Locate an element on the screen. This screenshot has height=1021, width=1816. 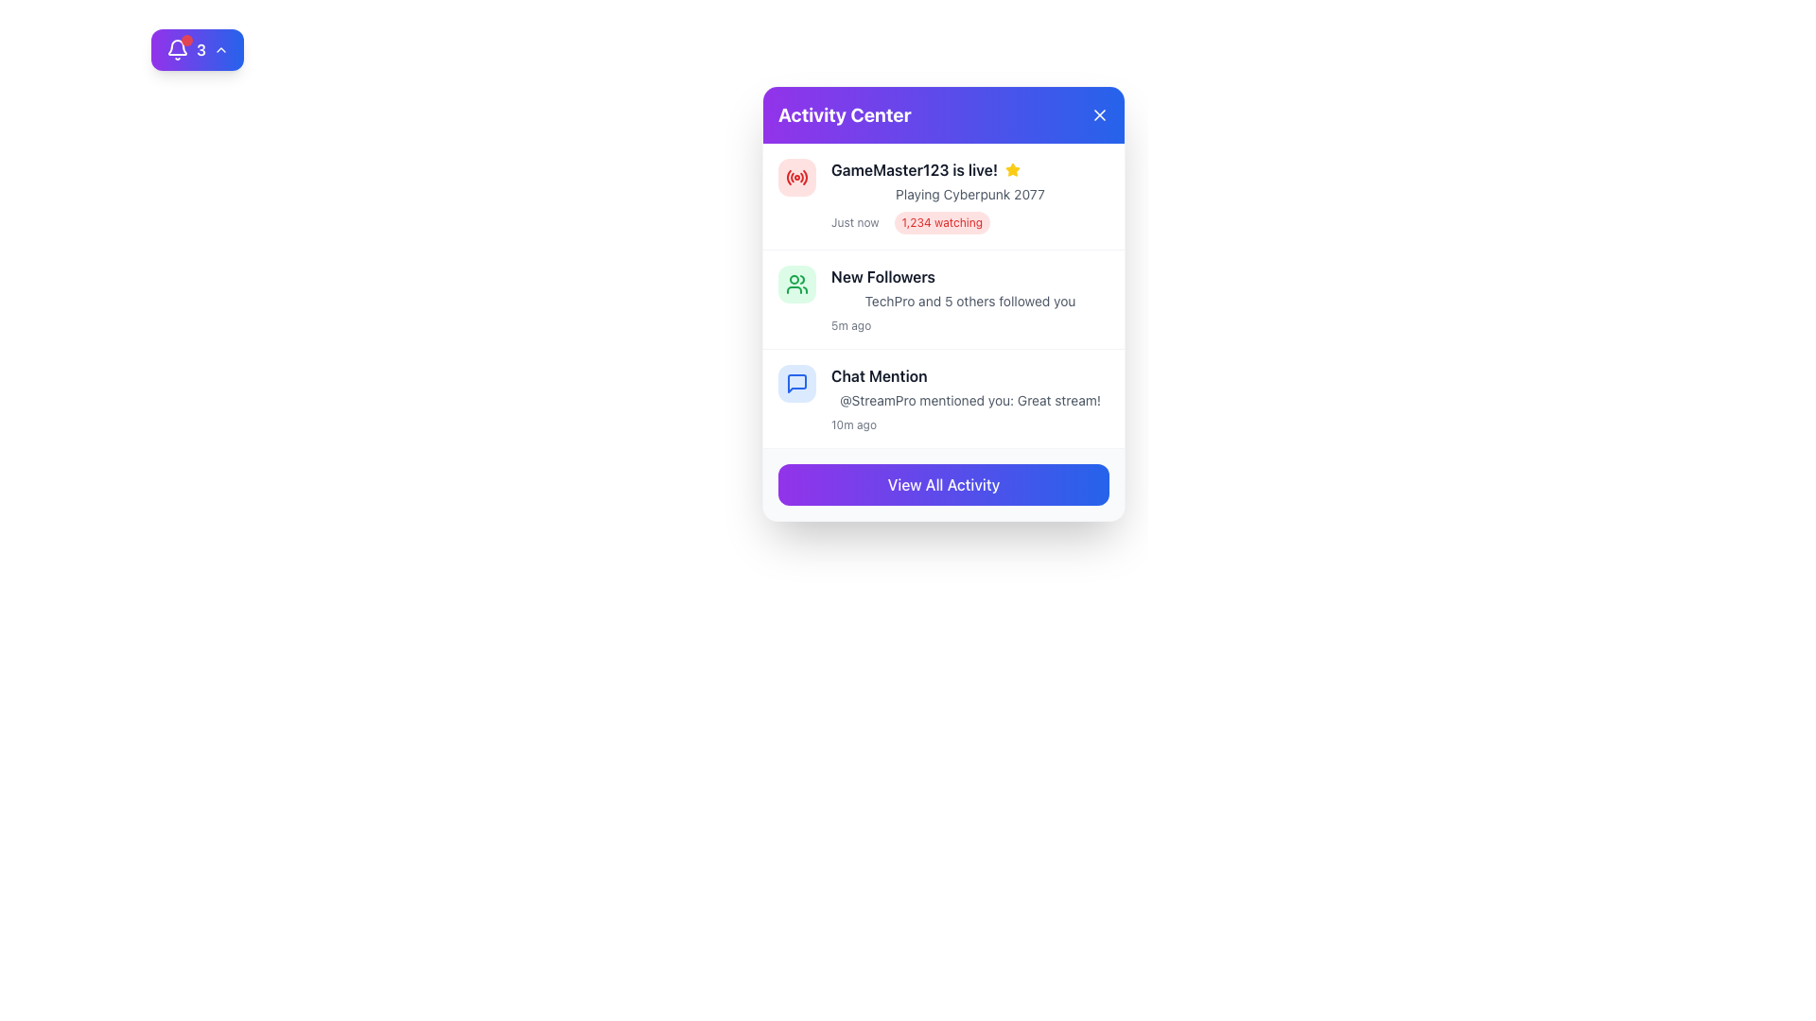
displayed information in the Notification block located at the top of the activity center pop-up, directly above the 'New Followers' notification is located at coordinates (944, 197).